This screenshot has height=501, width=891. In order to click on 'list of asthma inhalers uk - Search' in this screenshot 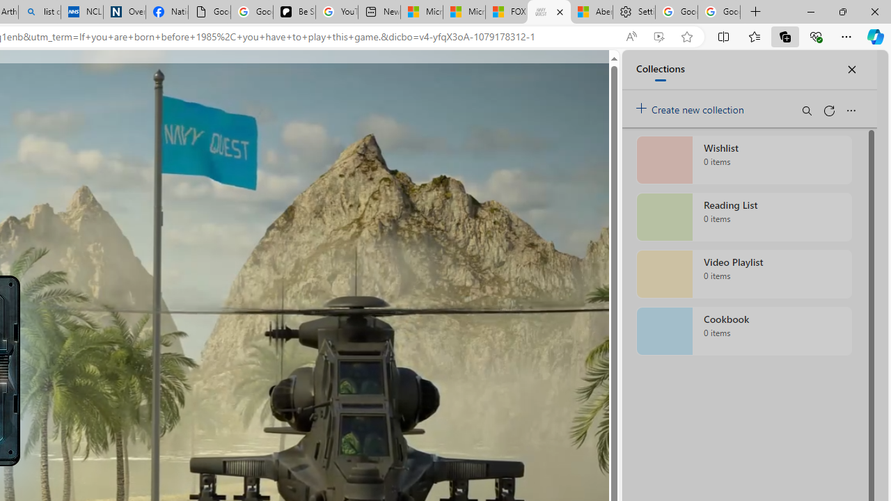, I will do `click(39, 12)`.